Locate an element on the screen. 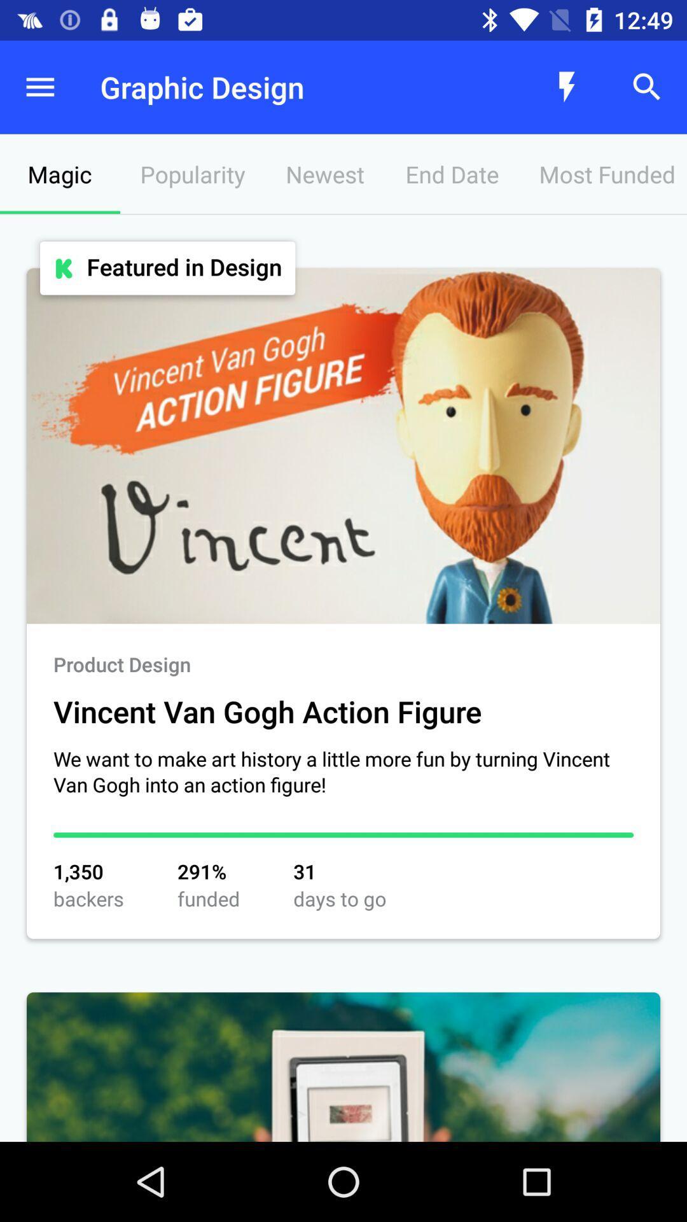 The image size is (687, 1222). the graphic design is located at coordinates (289, 87).